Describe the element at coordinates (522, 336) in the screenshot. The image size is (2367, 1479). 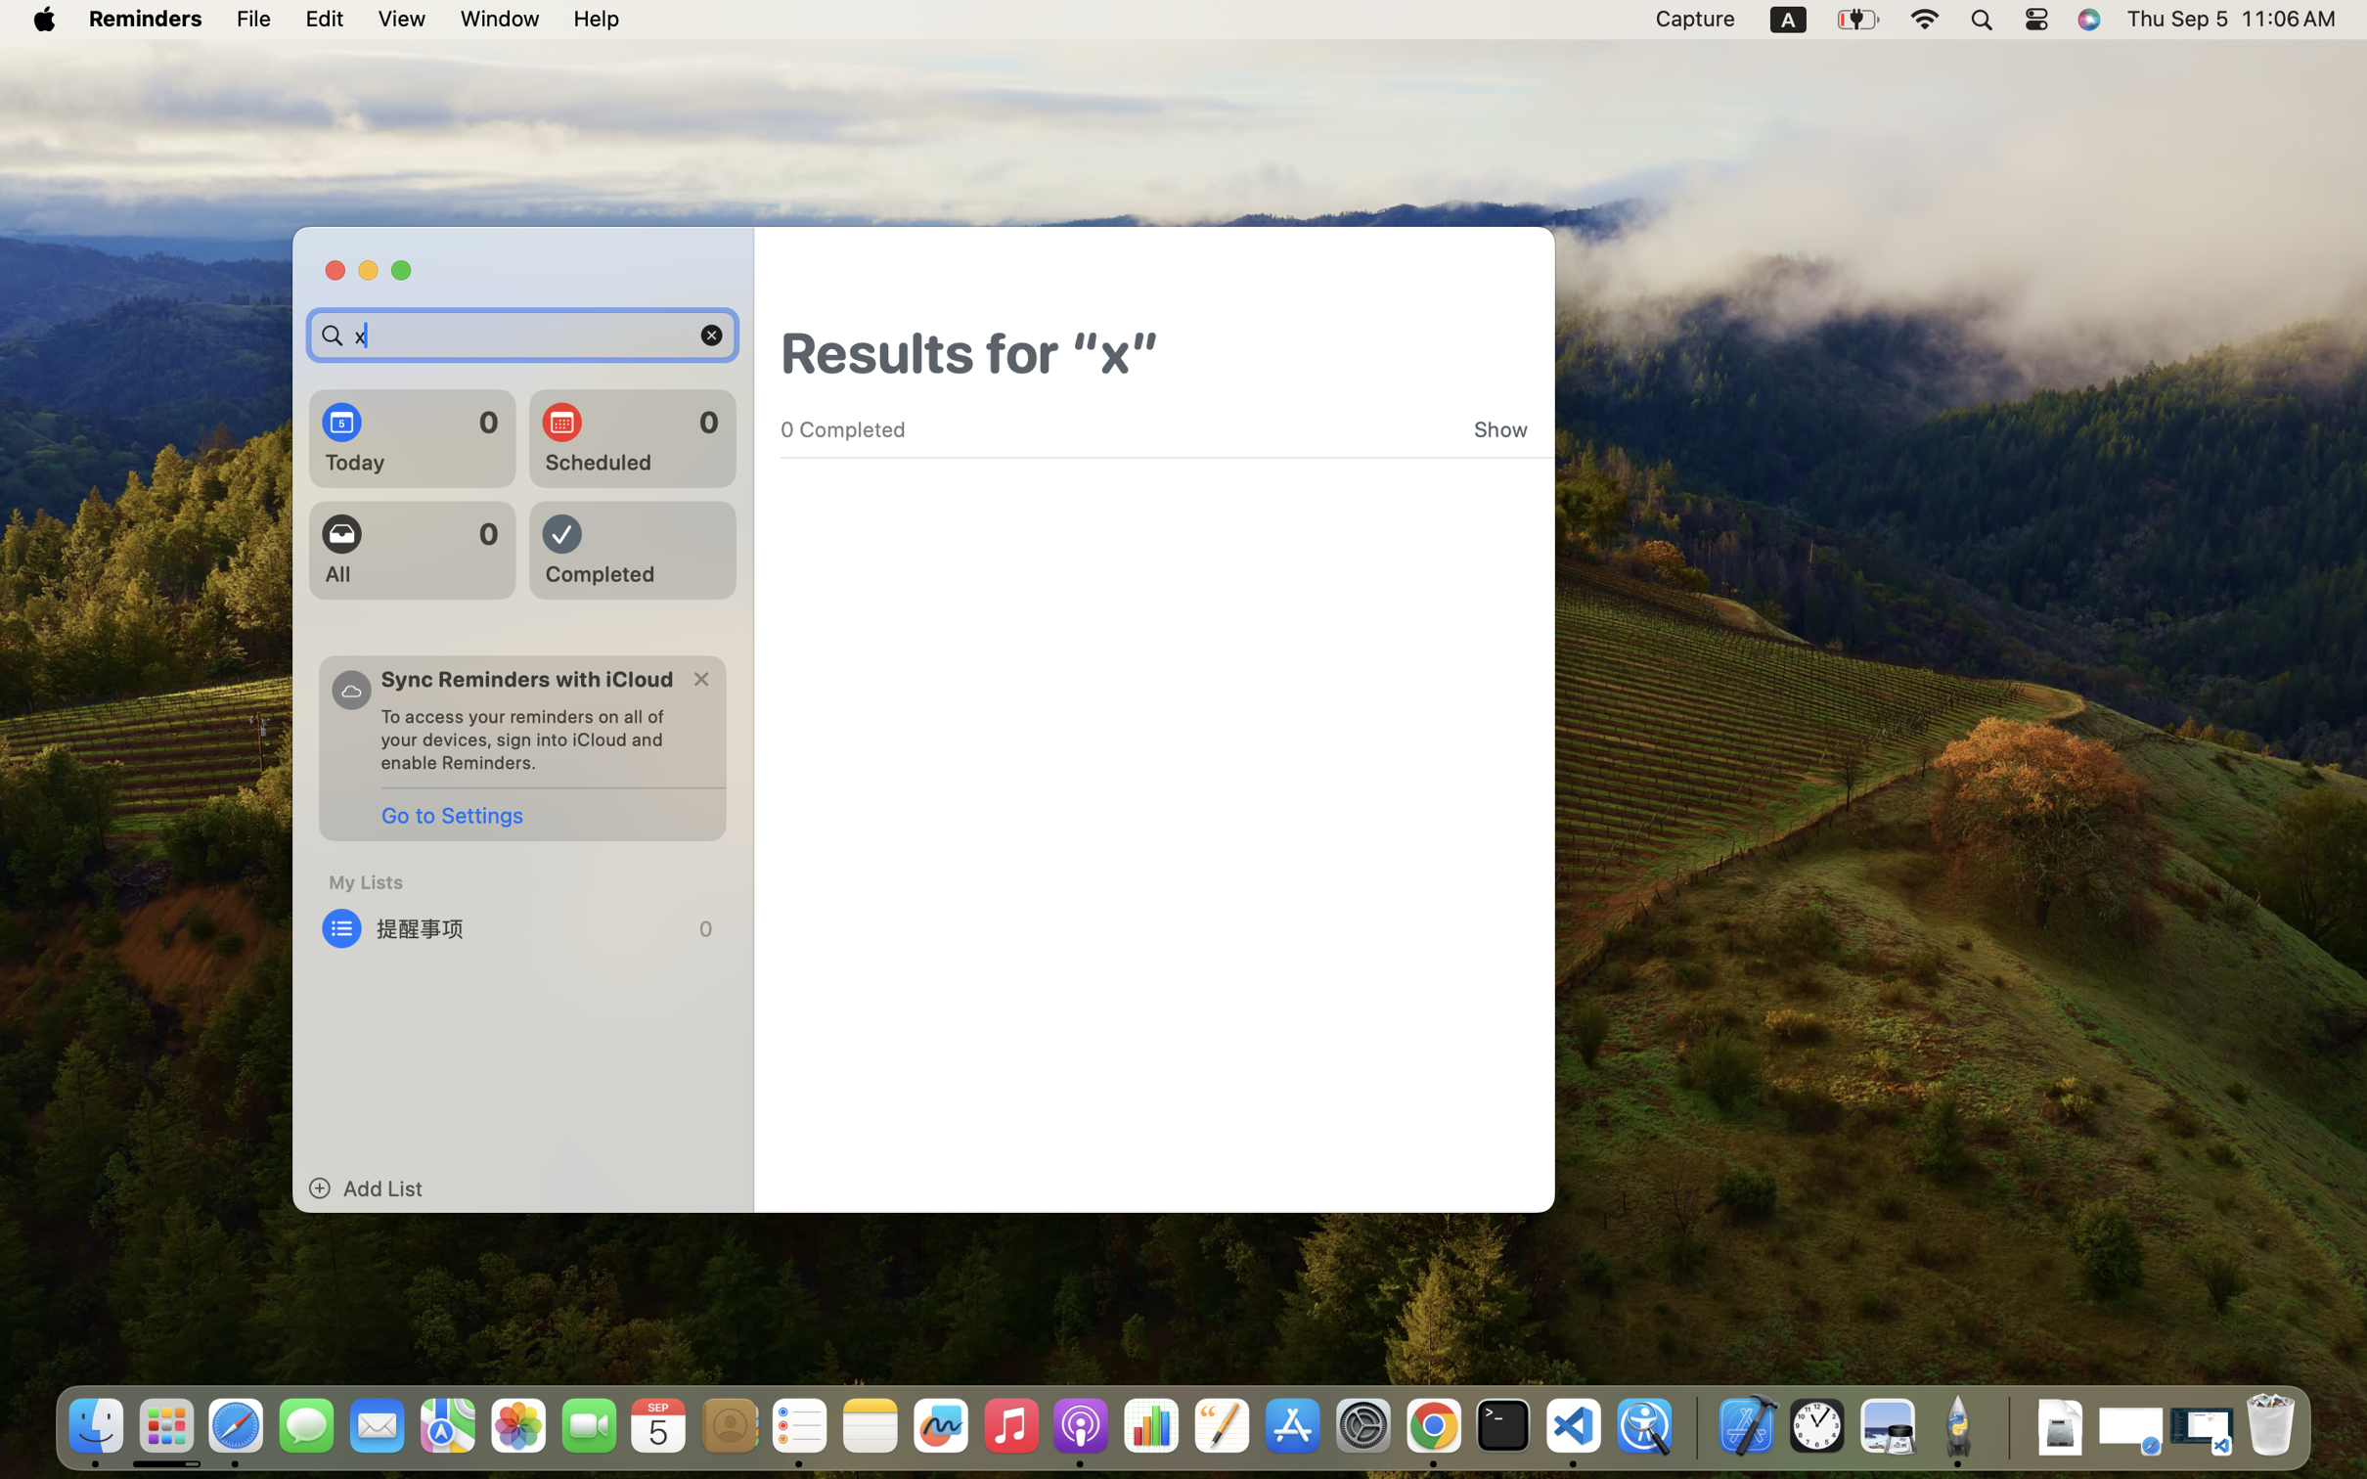
I see `'x'` at that location.